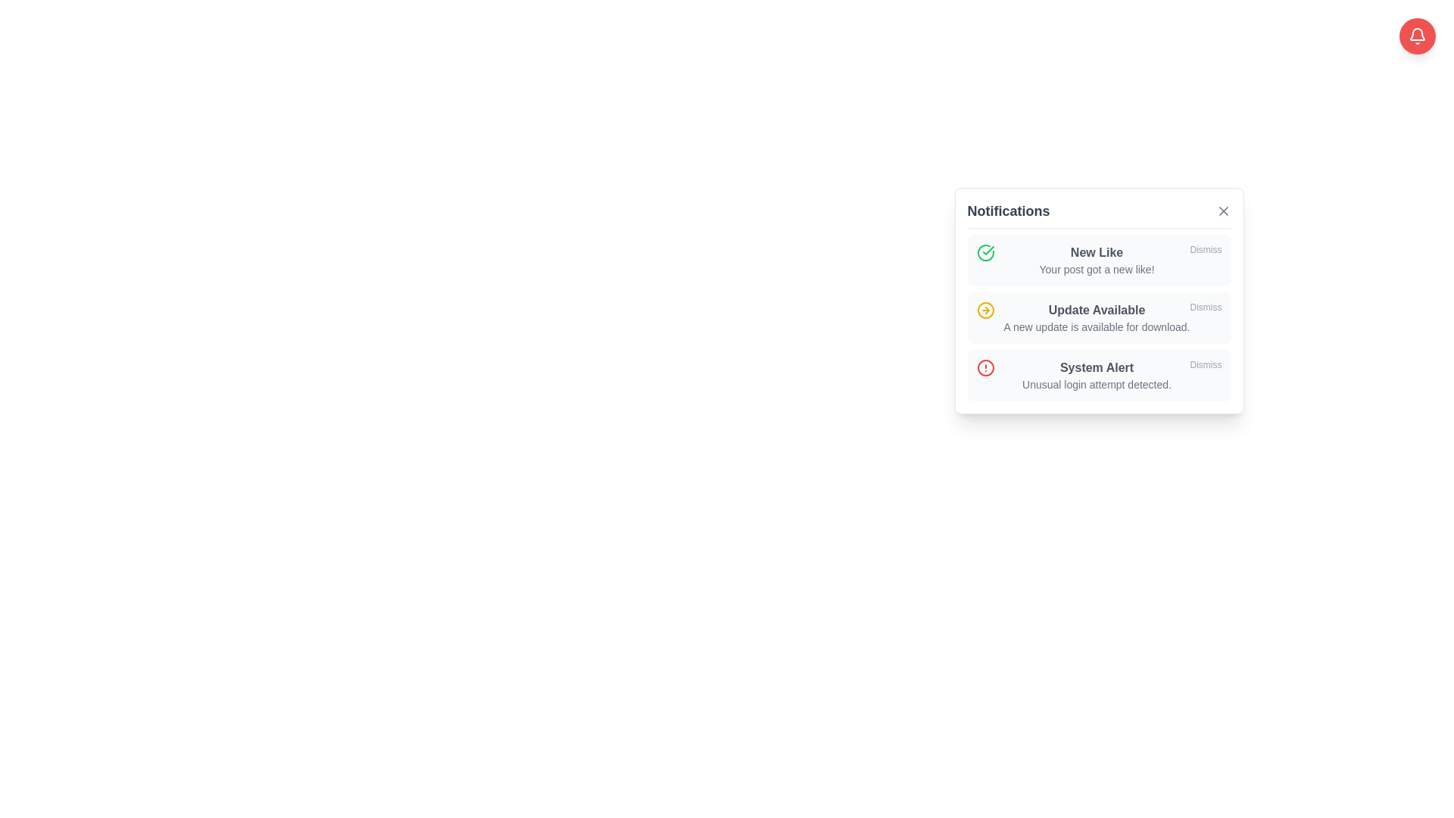 This screenshot has width=1454, height=818. I want to click on the 'System Alert' text label, which is styled in bold gray font and positioned at the top of the notification card, so click(1097, 368).